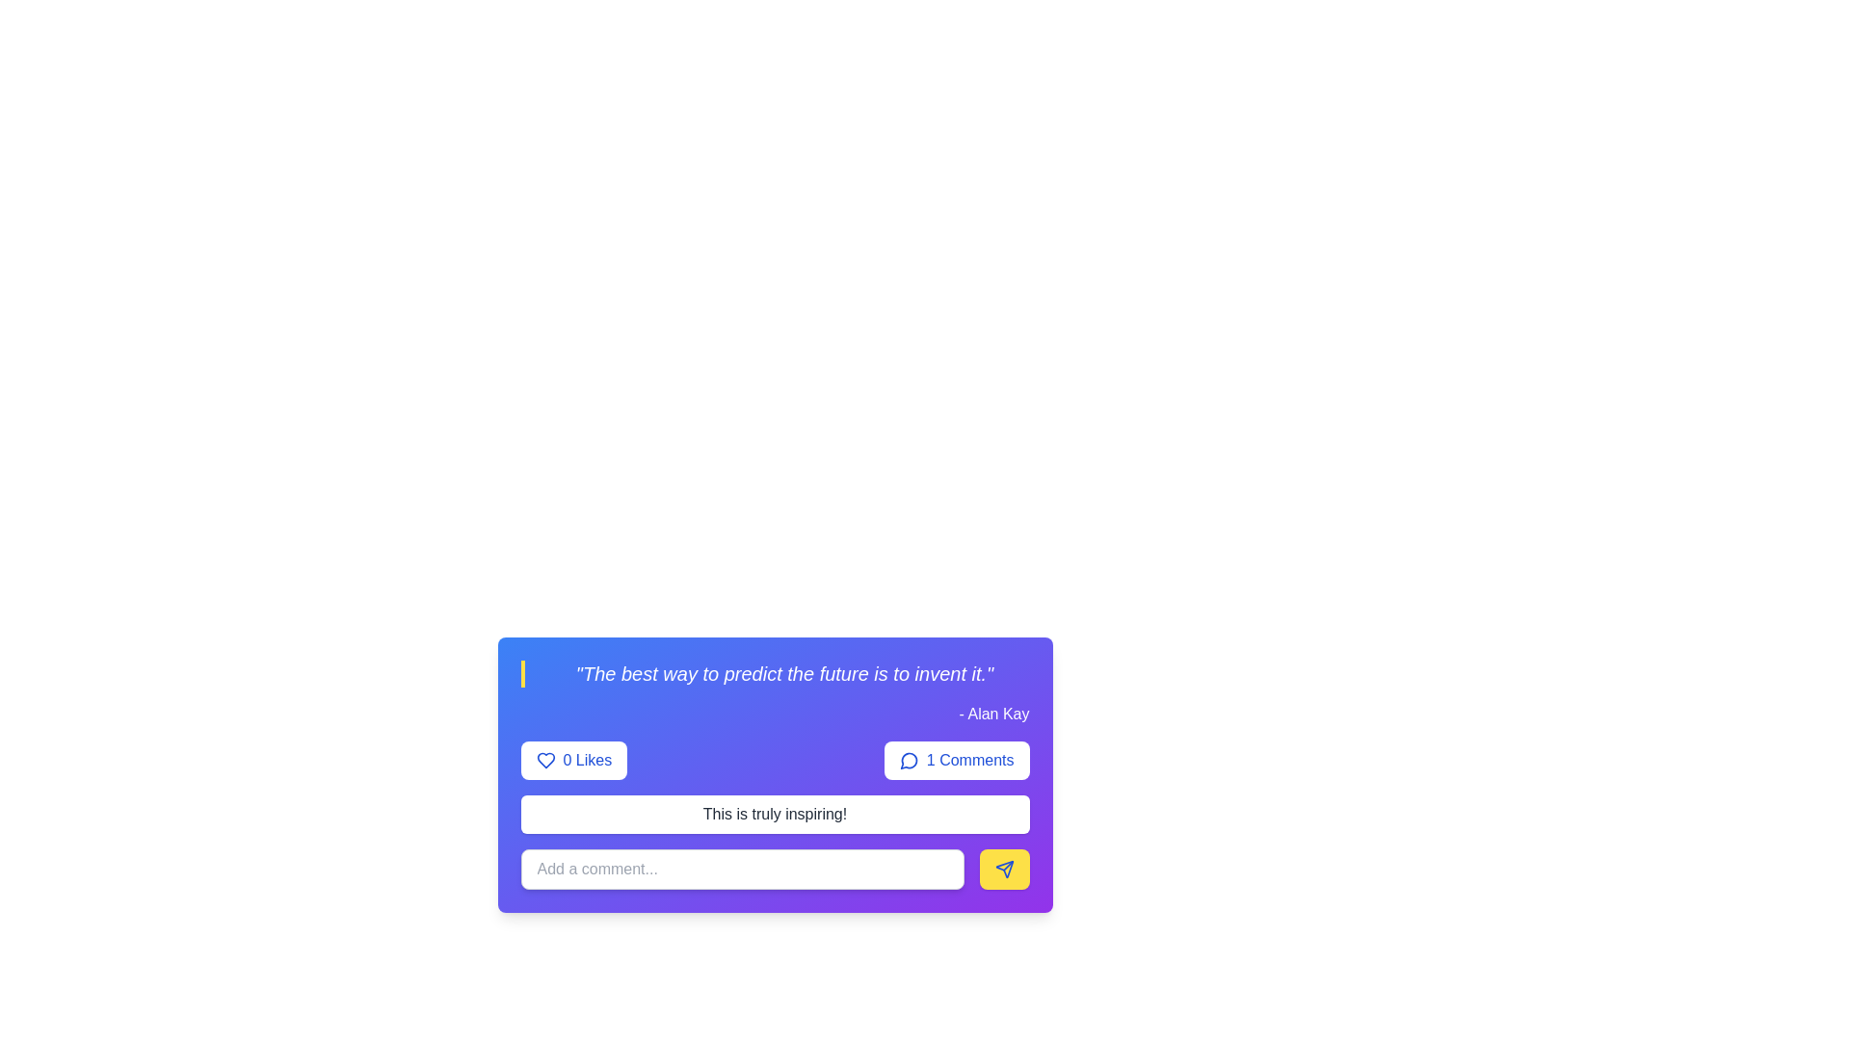 The height and width of the screenshot is (1040, 1850). I want to click on the paper plane icon button with a yellow background and blue border in the bottom-right corner of the card interface to send a message, so click(1003, 869).